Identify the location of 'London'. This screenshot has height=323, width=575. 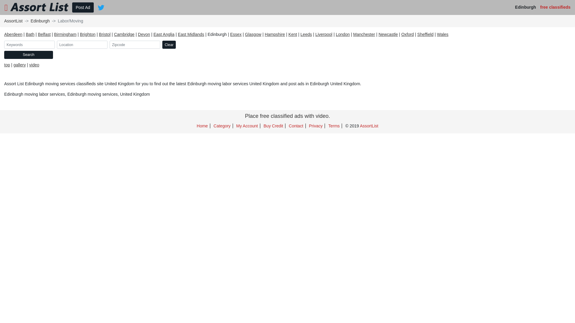
(336, 34).